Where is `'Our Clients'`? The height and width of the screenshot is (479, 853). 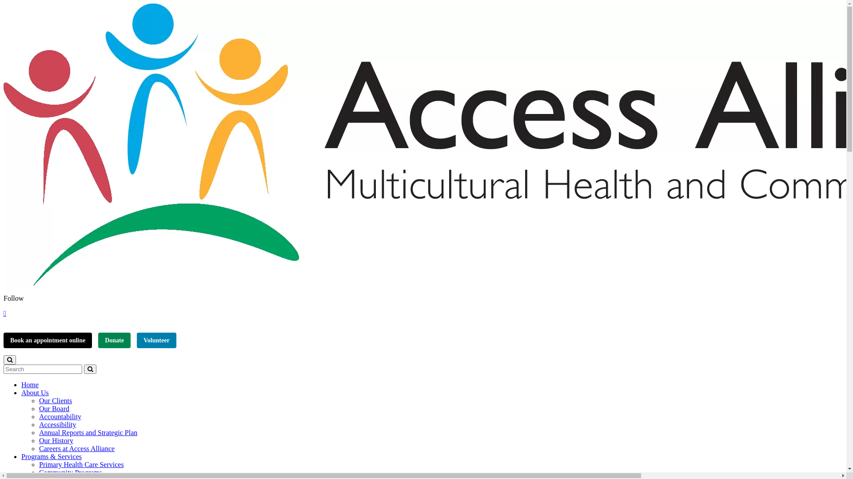 'Our Clients' is located at coordinates (55, 400).